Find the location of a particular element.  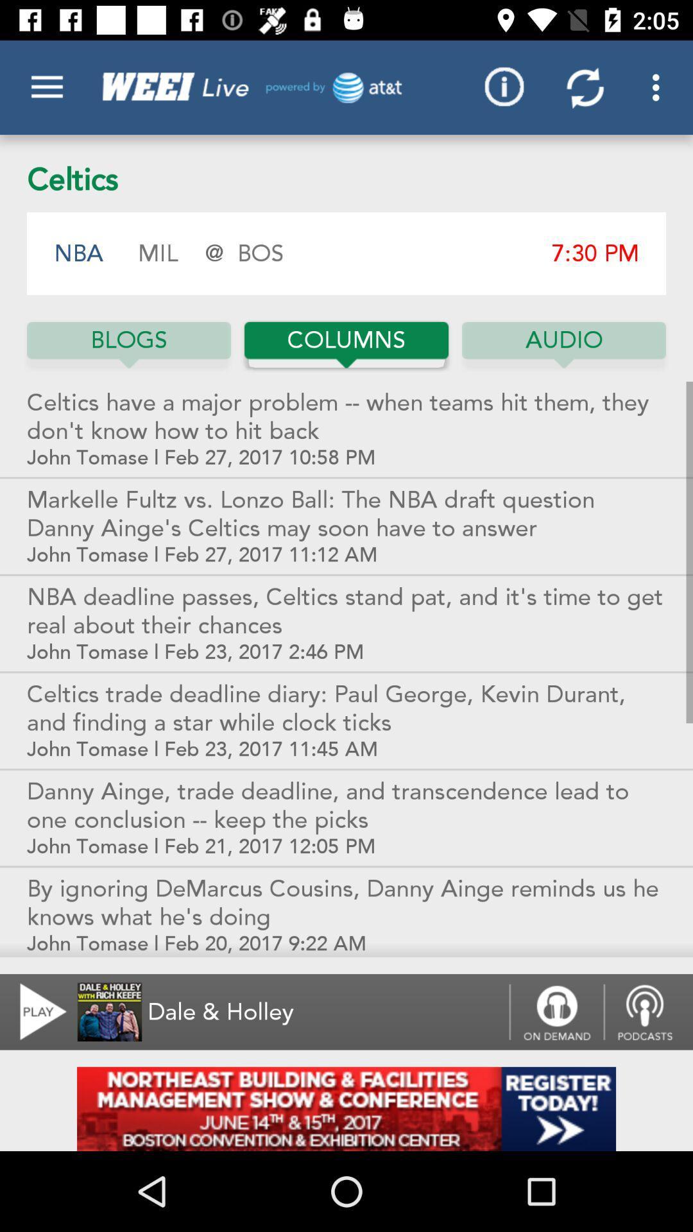

advertisement for event is located at coordinates (346, 1108).